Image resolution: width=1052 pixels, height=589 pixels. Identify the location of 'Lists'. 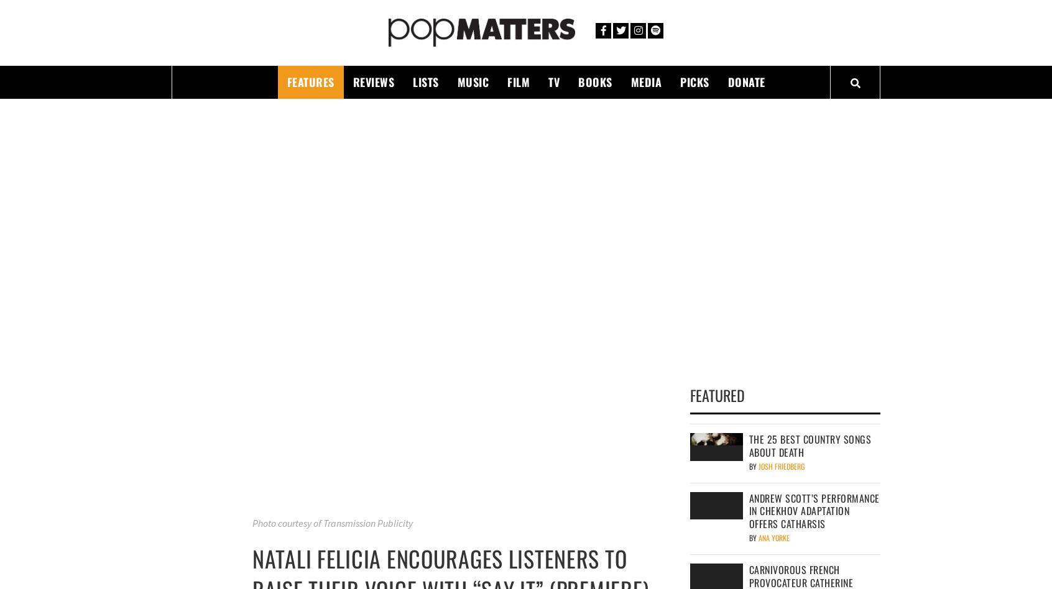
(425, 81).